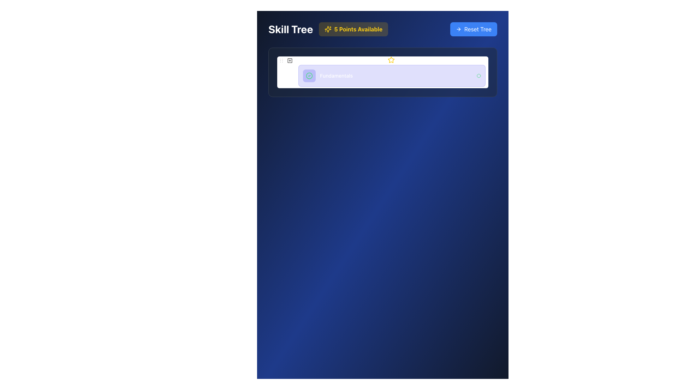 Image resolution: width=678 pixels, height=381 pixels. I want to click on the decorative icon located in the top-center area of the interface, which is positioned next to a label and a button, serving to draw attention to its associated section, so click(327, 29).